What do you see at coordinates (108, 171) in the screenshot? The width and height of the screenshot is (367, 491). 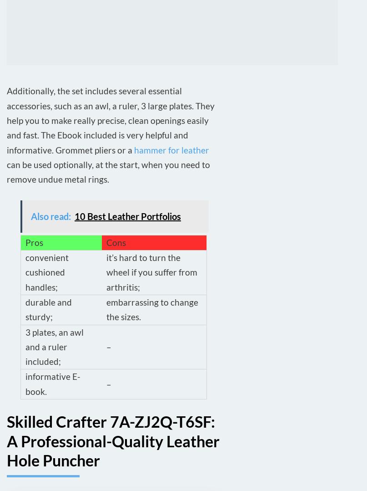 I see `'can be used optionally, at the start, when you need to remove undue metal rings.'` at bounding box center [108, 171].